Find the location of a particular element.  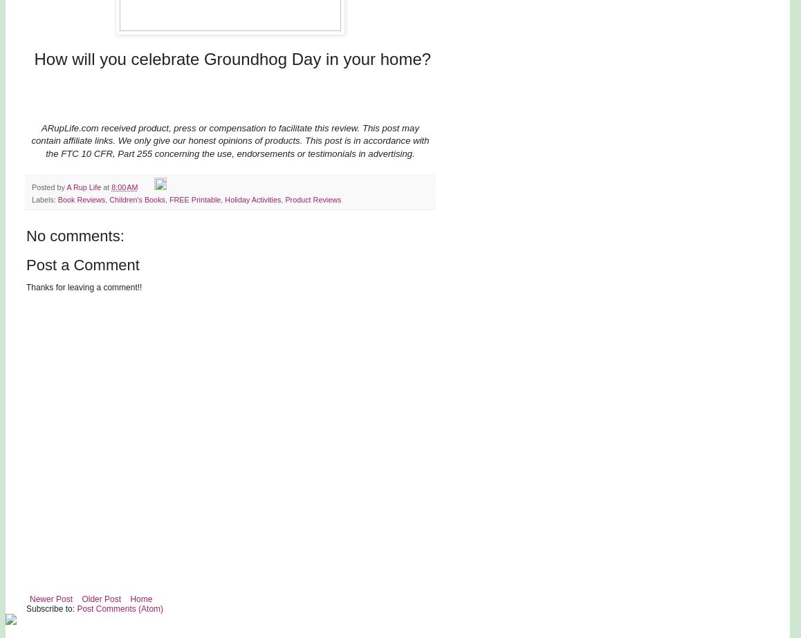

'Labels:' is located at coordinates (44, 198).